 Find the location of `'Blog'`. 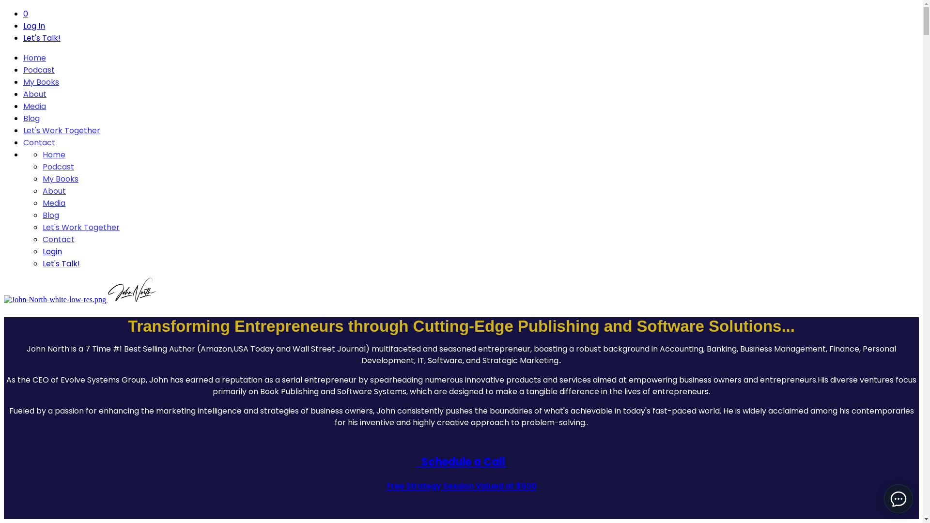

'Blog' is located at coordinates (31, 118).